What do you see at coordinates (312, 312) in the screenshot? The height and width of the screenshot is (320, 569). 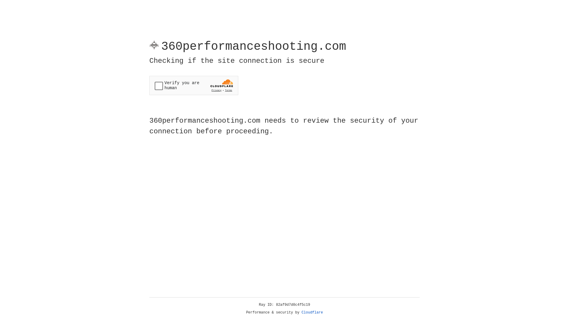 I see `'Cloudflare'` at bounding box center [312, 312].